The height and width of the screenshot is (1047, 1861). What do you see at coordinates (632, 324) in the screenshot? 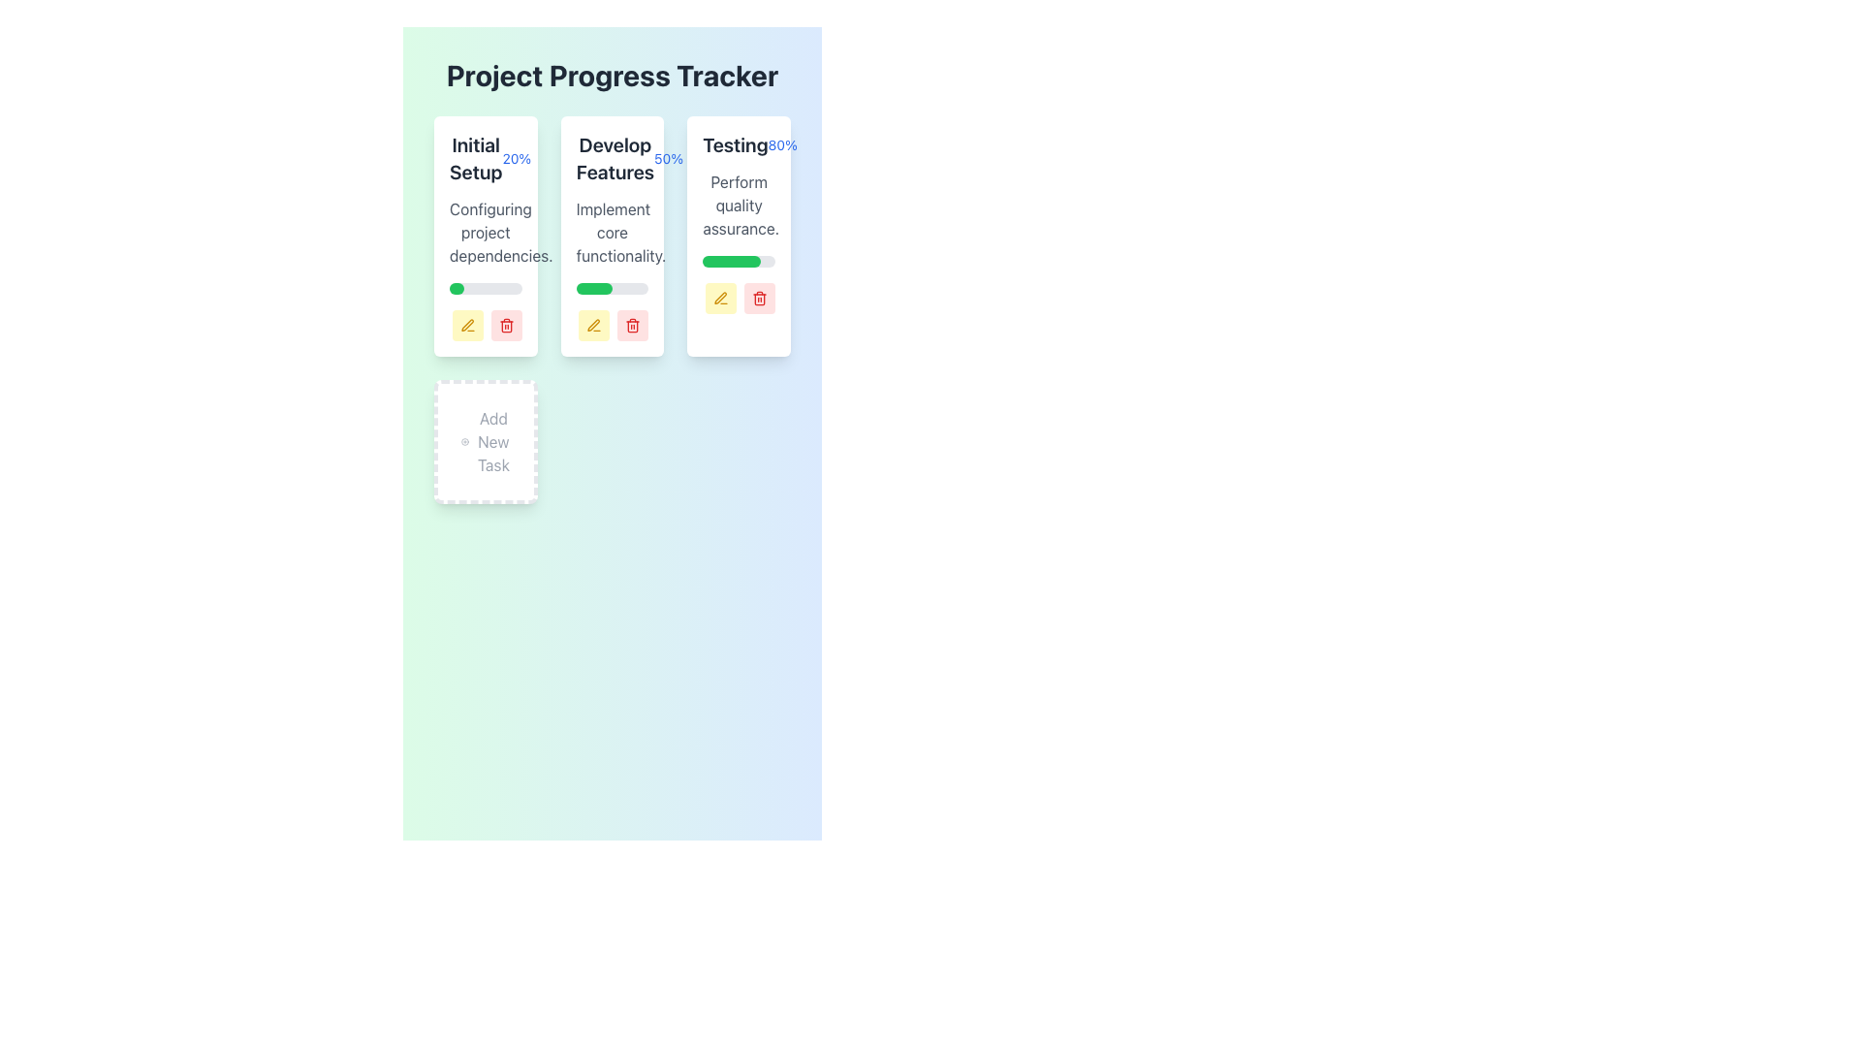
I see `the delete button (trash icon) located at the bottom-right corner of the 'Develop Features' card` at bounding box center [632, 324].